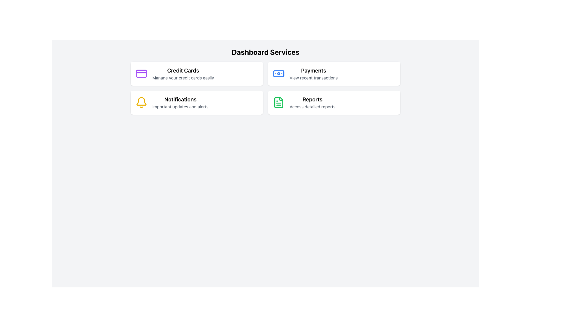  I want to click on the Text Label providing details for the 'Notifications' section of the dashboard, located in the bottom-left quadrant beneath the title text, so click(180, 106).